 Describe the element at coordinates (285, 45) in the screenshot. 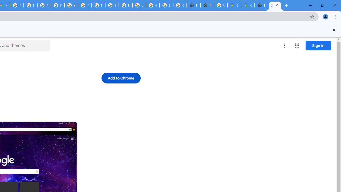

I see `'More options menu'` at that location.